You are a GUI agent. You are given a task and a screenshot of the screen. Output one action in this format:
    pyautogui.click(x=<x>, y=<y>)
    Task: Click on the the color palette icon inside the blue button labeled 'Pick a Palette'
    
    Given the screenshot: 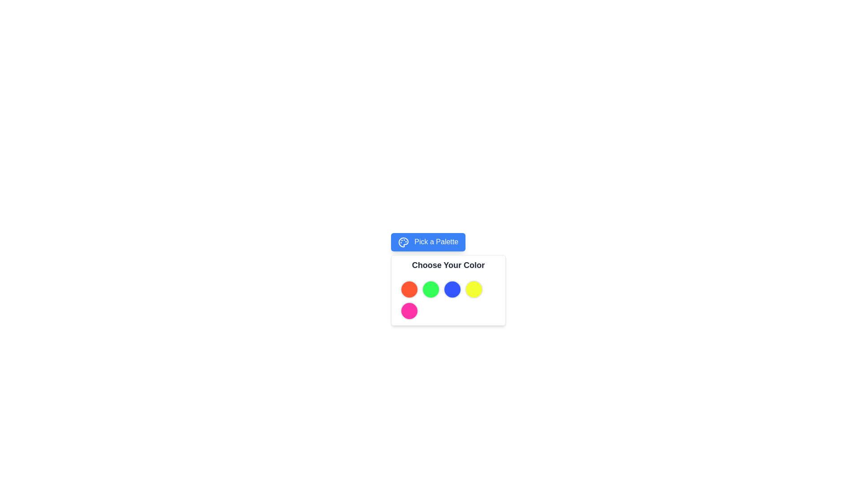 What is the action you would take?
    pyautogui.click(x=403, y=242)
    